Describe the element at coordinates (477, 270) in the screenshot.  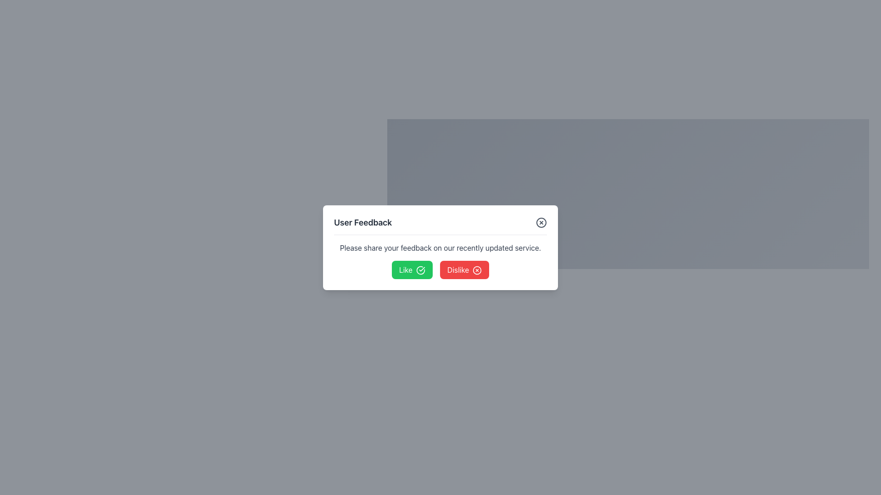
I see `the small graphic icon within the 'Dislike' button, which visually represents a negative action` at that location.